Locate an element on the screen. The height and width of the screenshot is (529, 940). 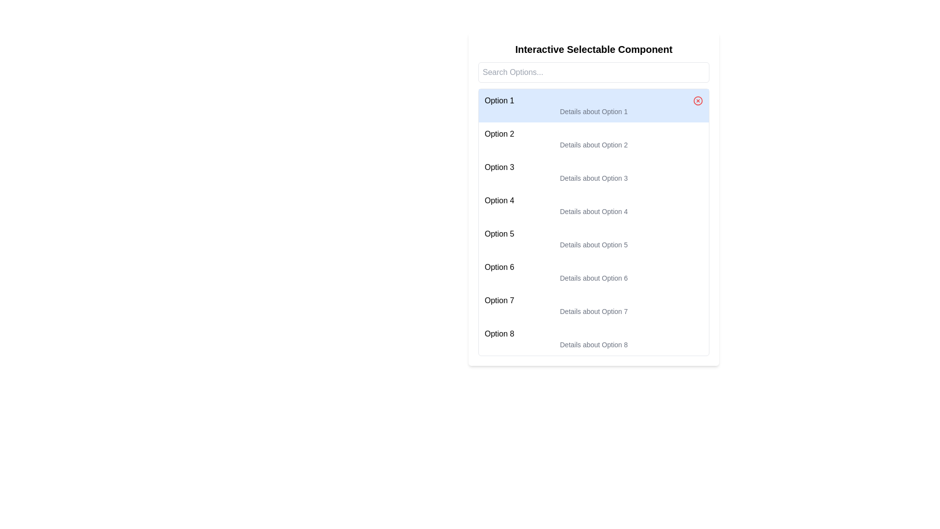
the circular button with an 'X' icon, which has a red border and is used as a close or delete button, located to the right of the first selectable option in the list is located at coordinates (697, 100).